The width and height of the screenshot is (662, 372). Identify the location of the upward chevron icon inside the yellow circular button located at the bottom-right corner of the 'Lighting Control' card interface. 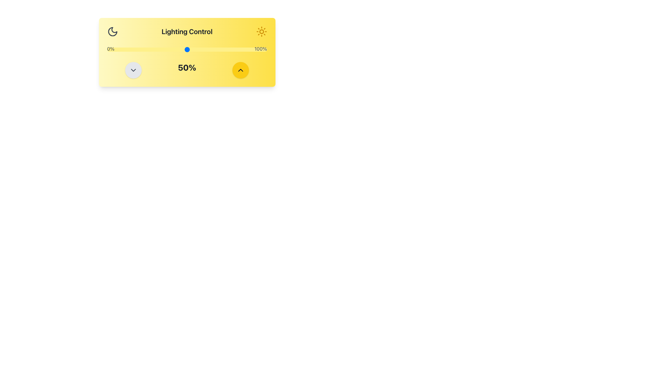
(241, 70).